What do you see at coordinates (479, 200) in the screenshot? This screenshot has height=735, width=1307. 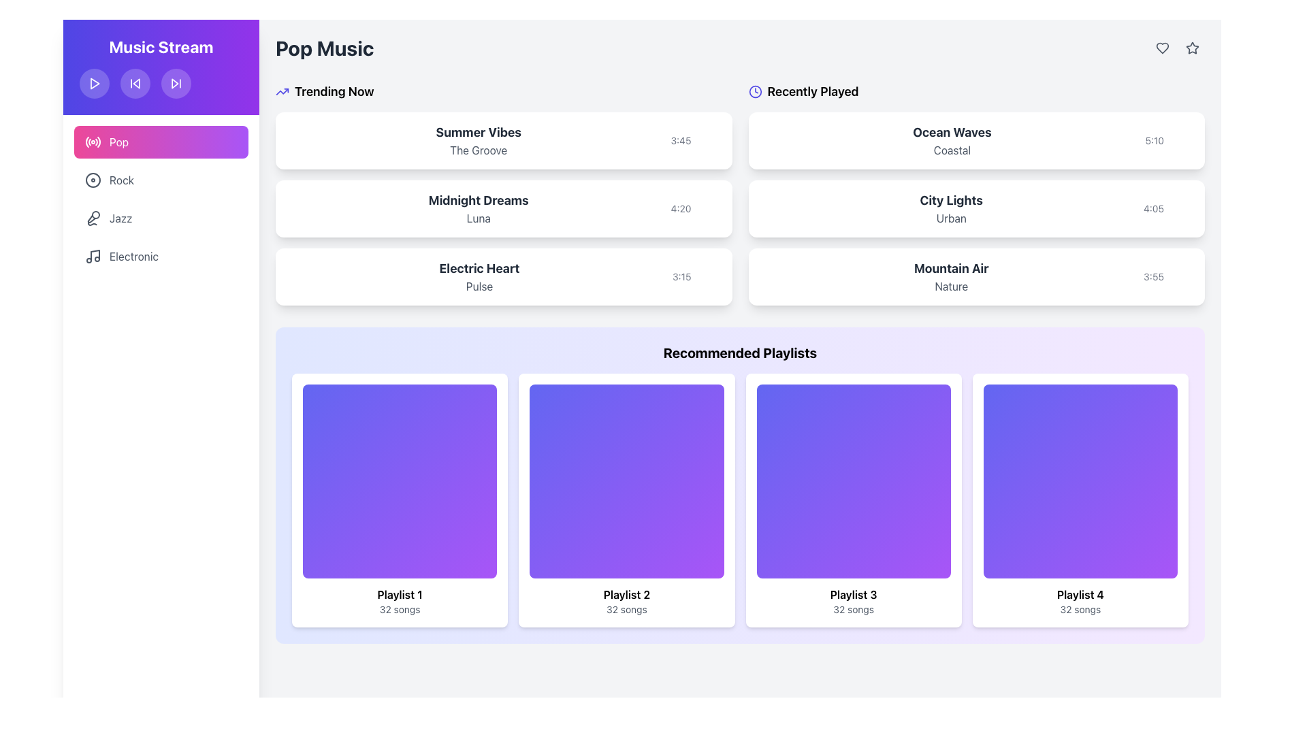 I see `the text label displaying 'Midnight Dreams', which is styled in bold, large dark gray font and aligned with the 'Trending Now' section` at bounding box center [479, 200].